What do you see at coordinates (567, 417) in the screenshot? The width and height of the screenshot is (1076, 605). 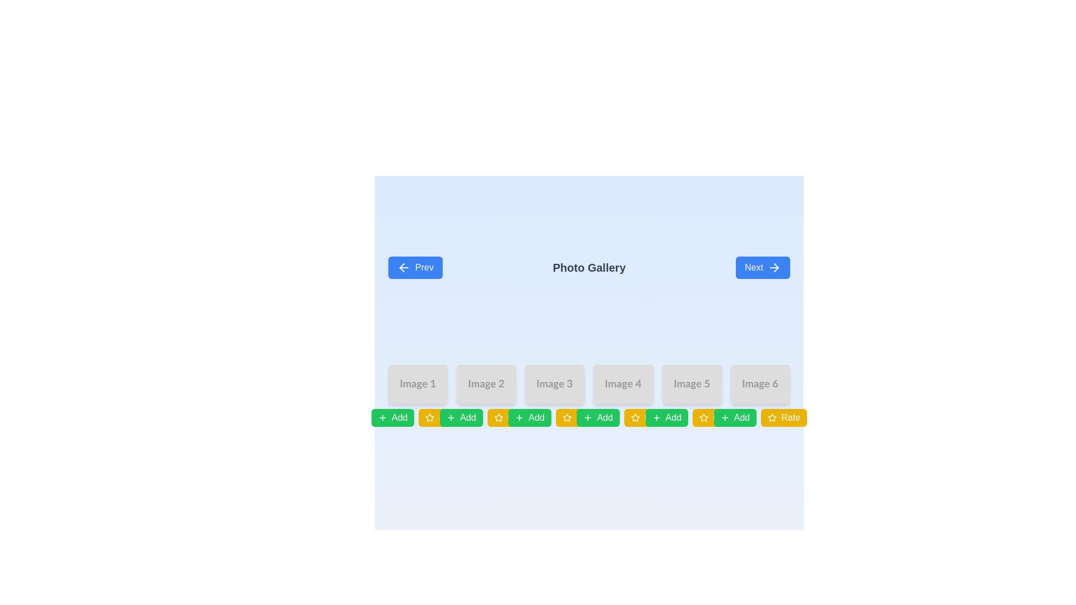 I see `the fourth star icon from the left, located below the third image tile labeled 'Image 3', to rate the associated image` at bounding box center [567, 417].